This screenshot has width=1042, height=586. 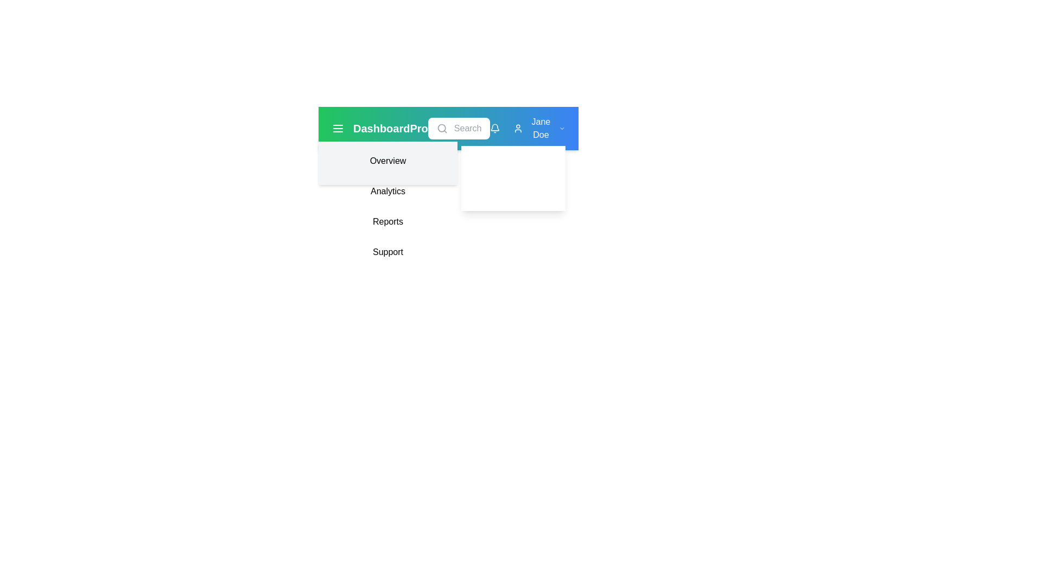 What do you see at coordinates (539, 128) in the screenshot?
I see `the user profile Dropdown-trigger element located in the top-right section of the interface` at bounding box center [539, 128].